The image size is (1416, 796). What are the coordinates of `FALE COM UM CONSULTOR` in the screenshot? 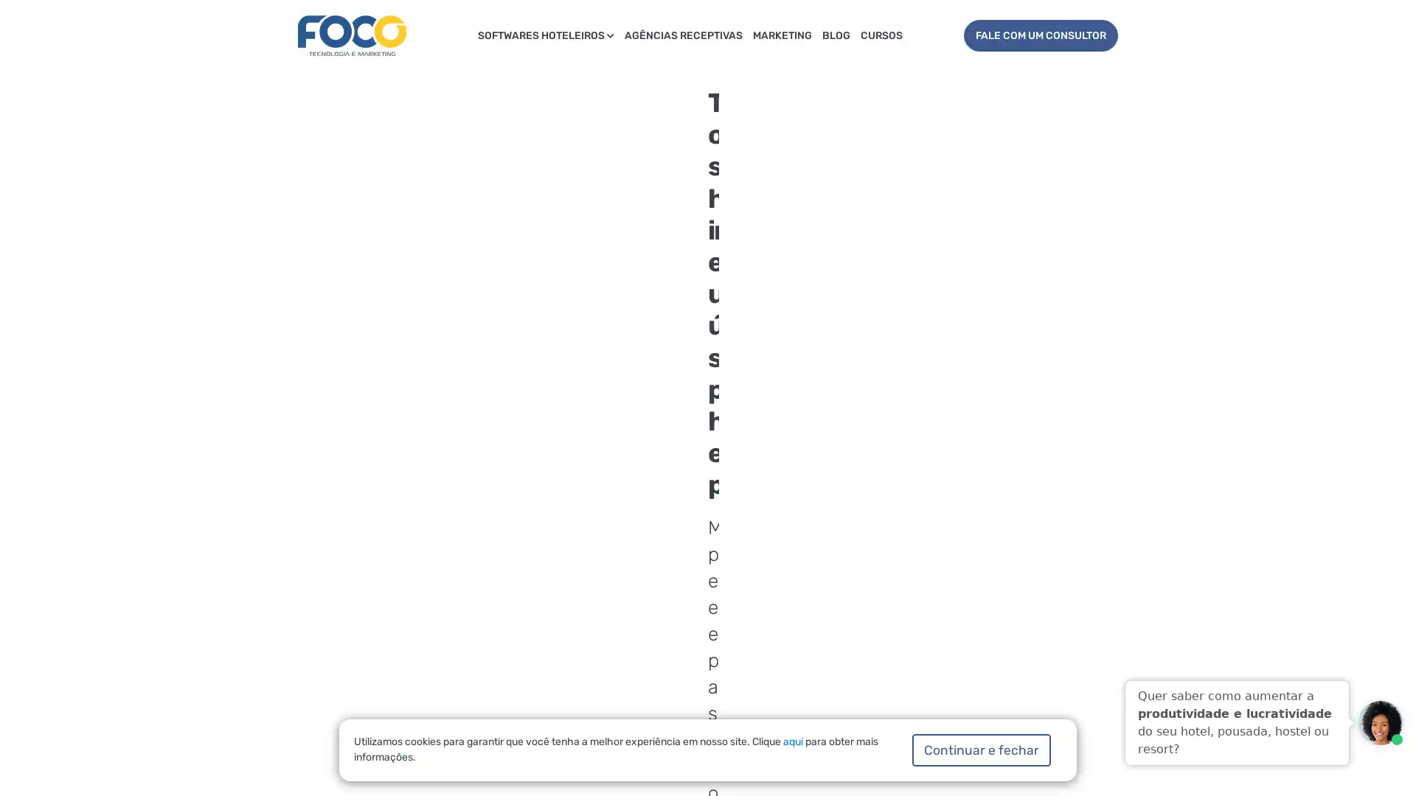 It's located at (1040, 35).